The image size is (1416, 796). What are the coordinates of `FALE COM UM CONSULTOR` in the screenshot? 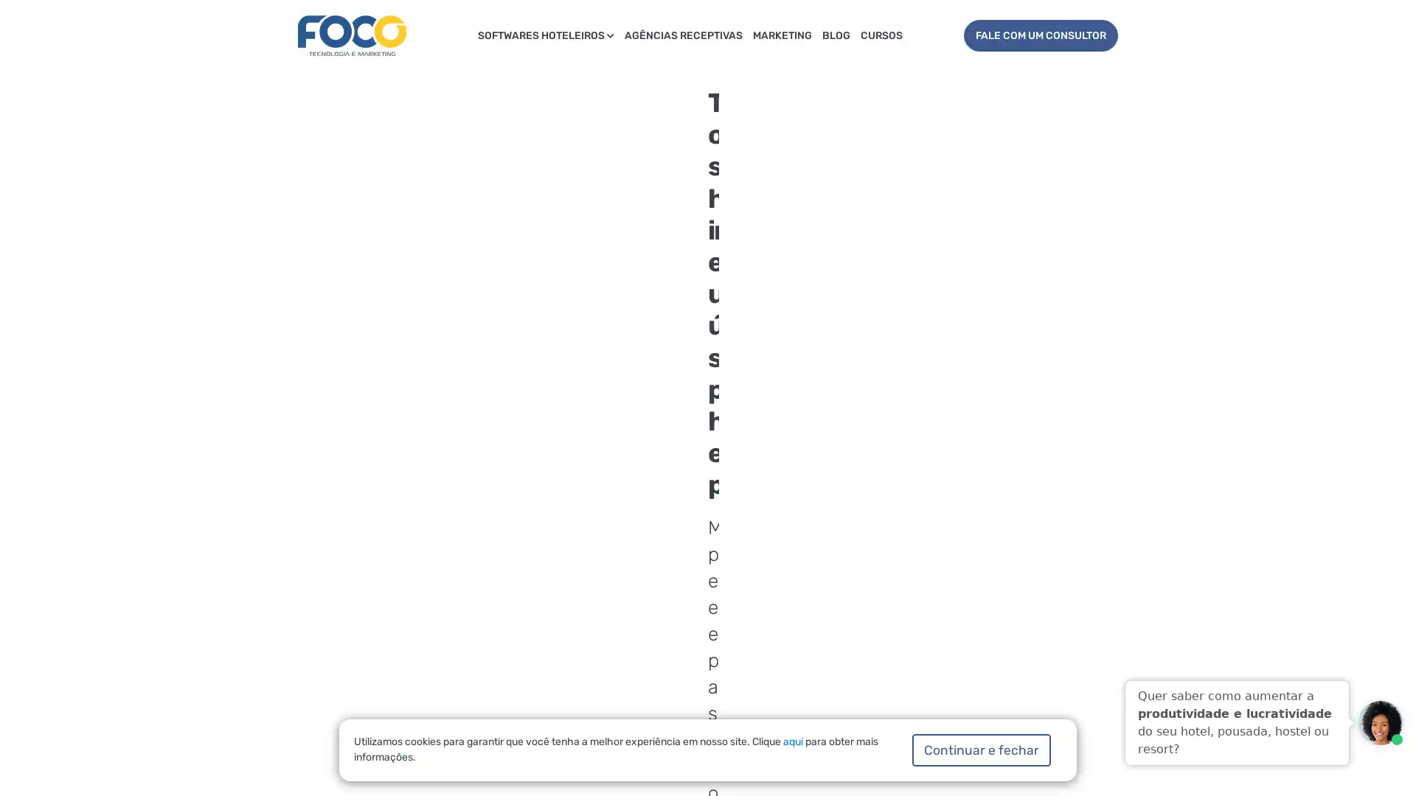 It's located at (1040, 35).